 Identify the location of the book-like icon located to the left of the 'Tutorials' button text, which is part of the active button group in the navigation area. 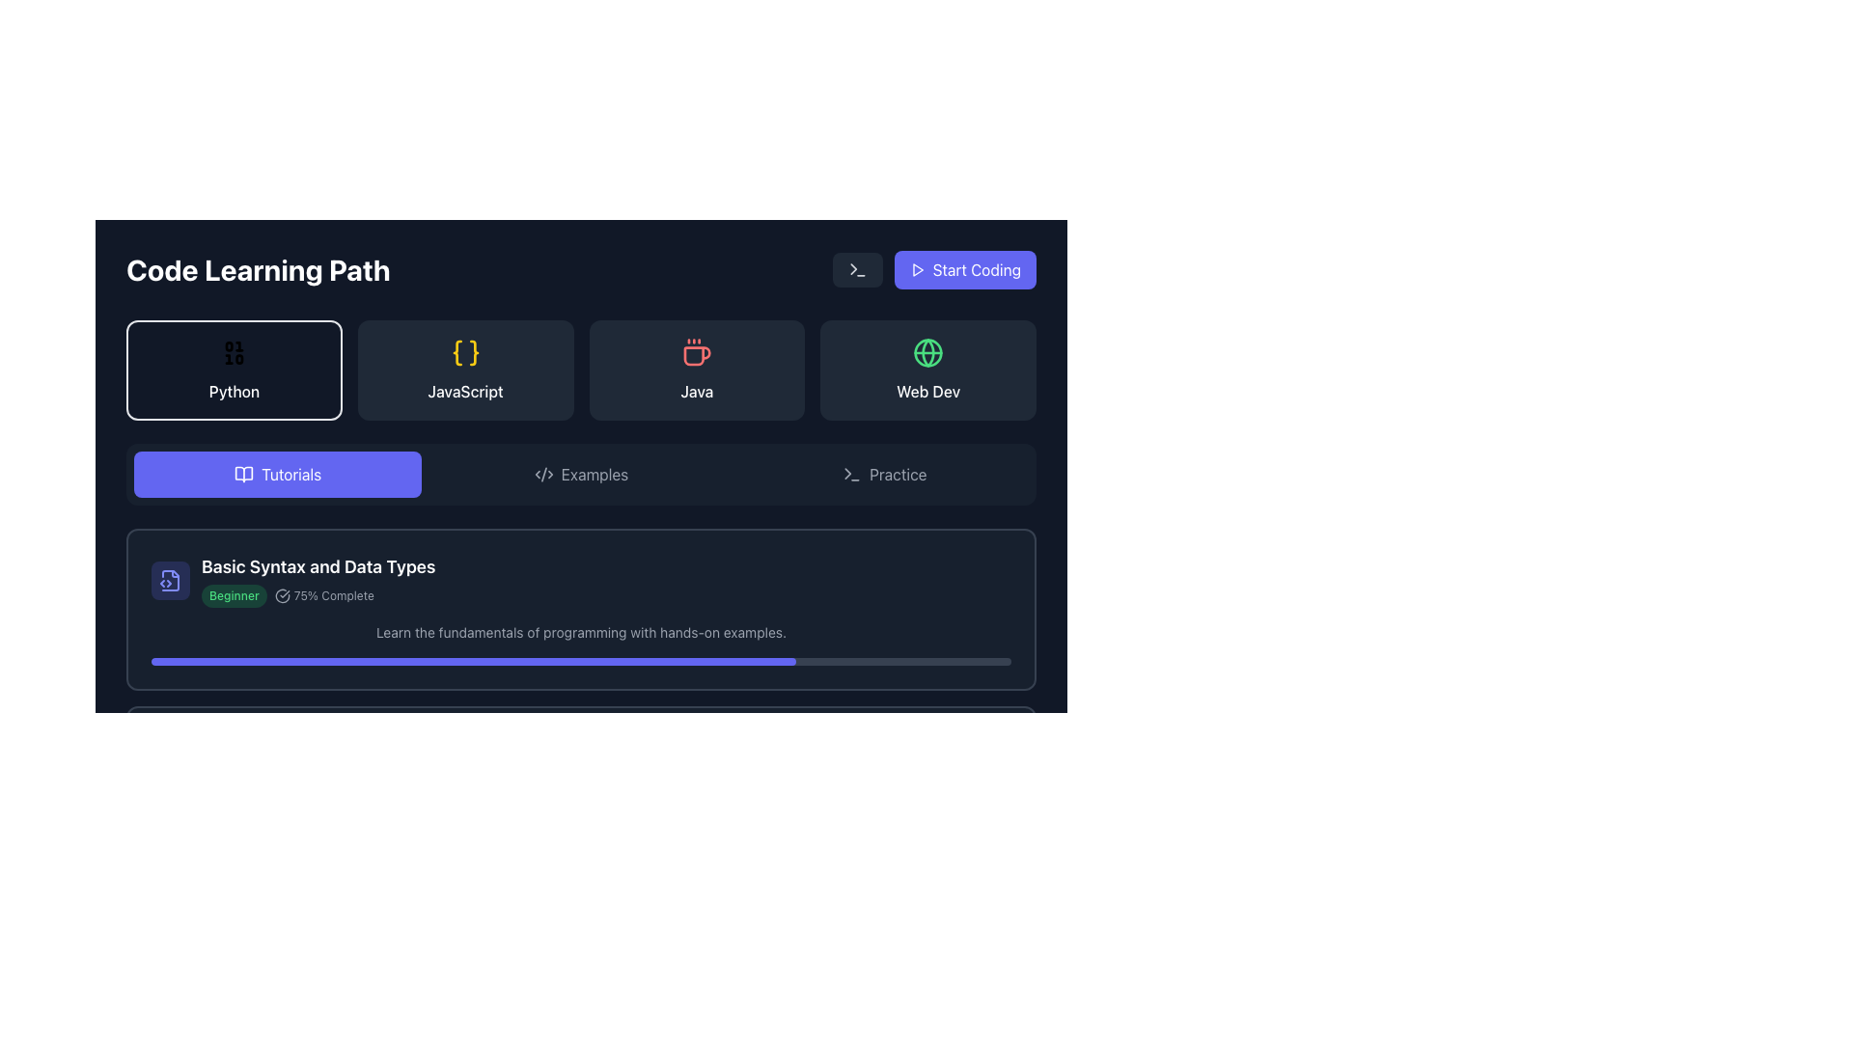
(243, 475).